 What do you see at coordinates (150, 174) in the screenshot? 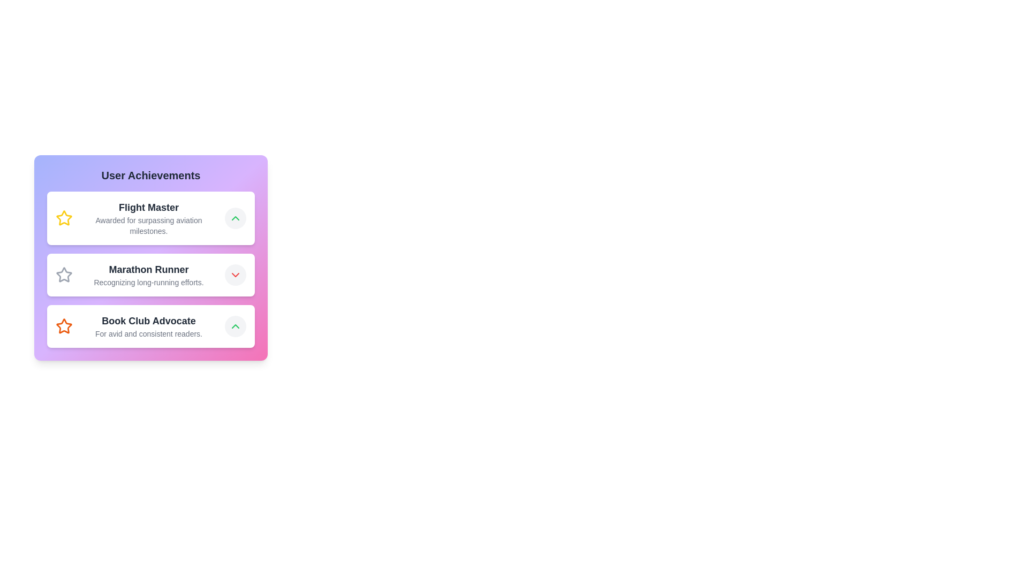
I see `the text heading that introduces and labels the section for user achievements, located at the top of the vertically stacked list interface` at bounding box center [150, 174].